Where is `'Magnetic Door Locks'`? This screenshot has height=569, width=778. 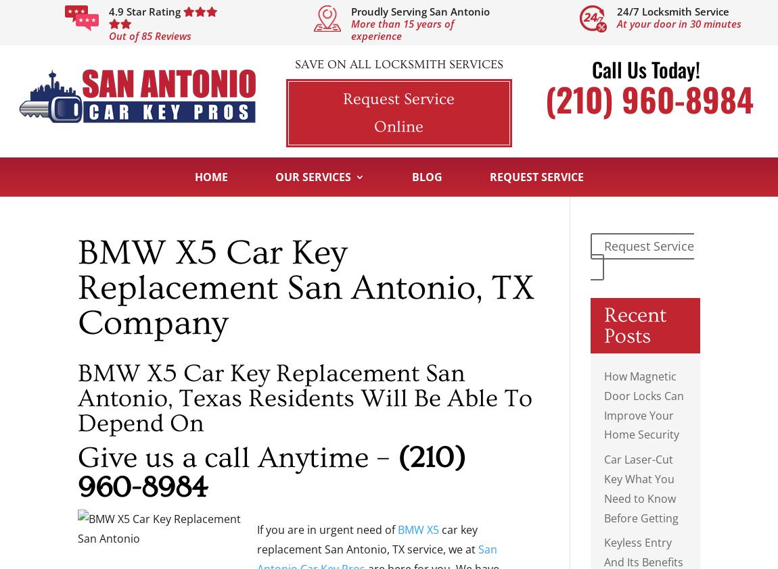
'Magnetic Door Locks' is located at coordinates (482, 365).